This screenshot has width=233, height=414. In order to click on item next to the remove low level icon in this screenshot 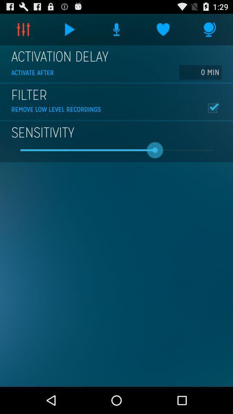, I will do `click(212, 107)`.